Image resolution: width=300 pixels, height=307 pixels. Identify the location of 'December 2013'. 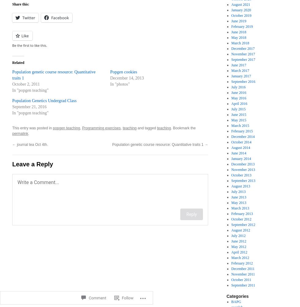
(243, 164).